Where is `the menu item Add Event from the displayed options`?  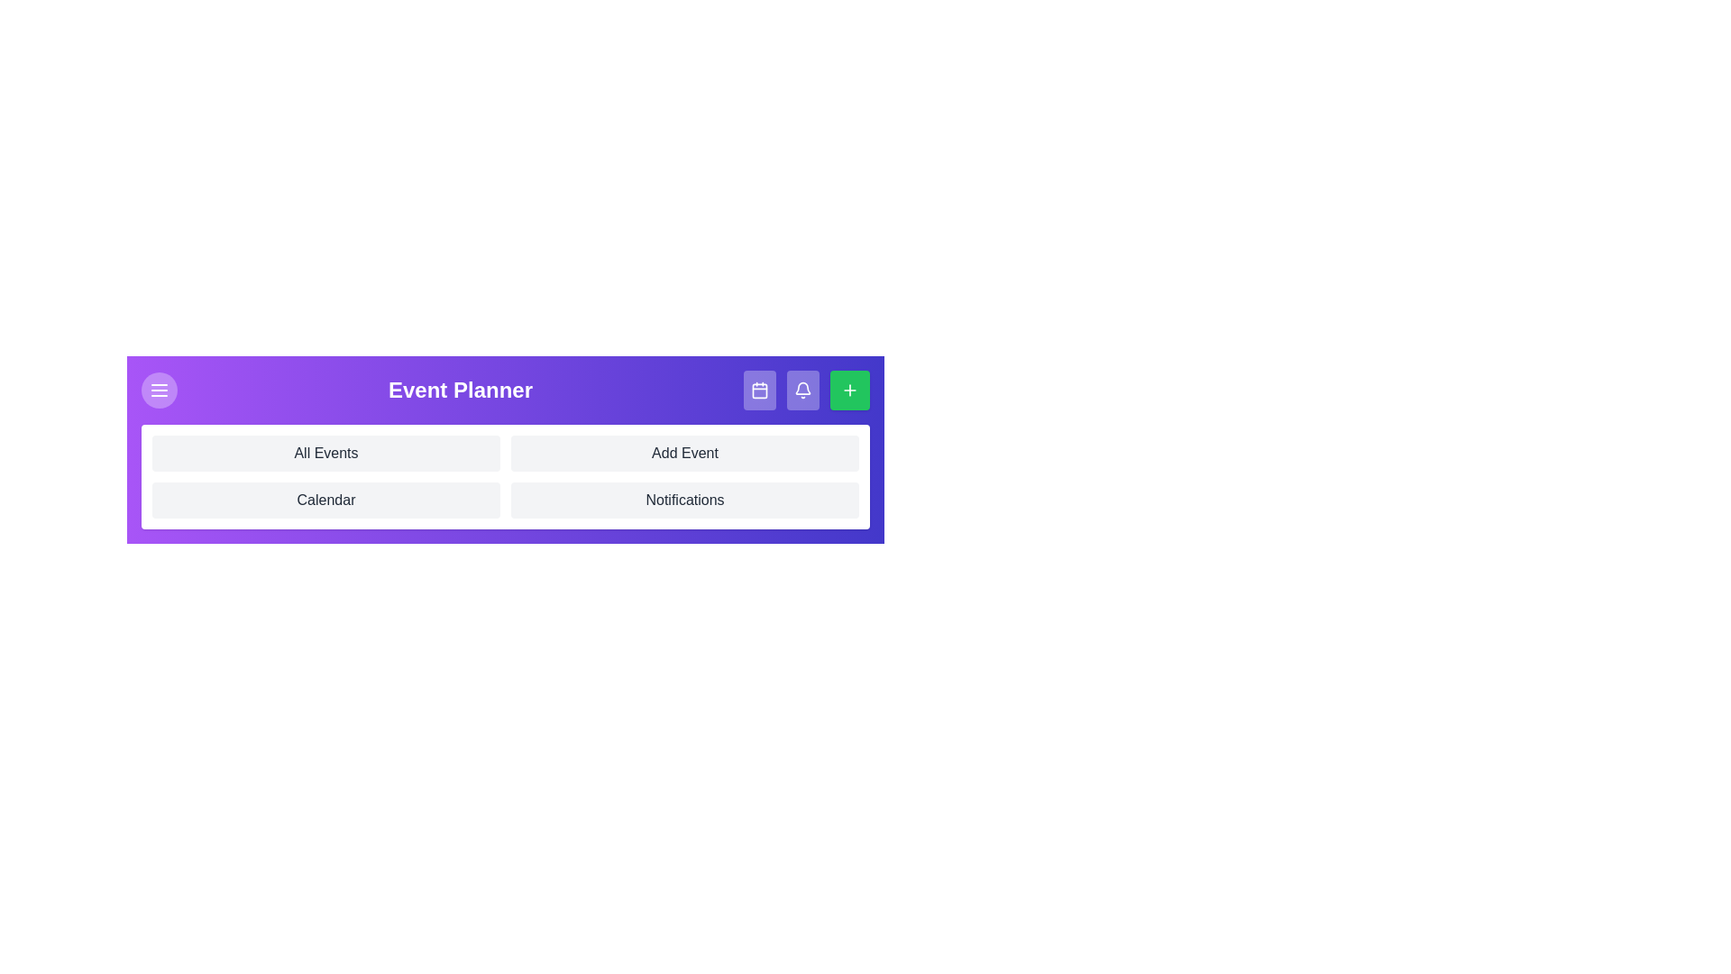
the menu item Add Event from the displayed options is located at coordinates (683, 452).